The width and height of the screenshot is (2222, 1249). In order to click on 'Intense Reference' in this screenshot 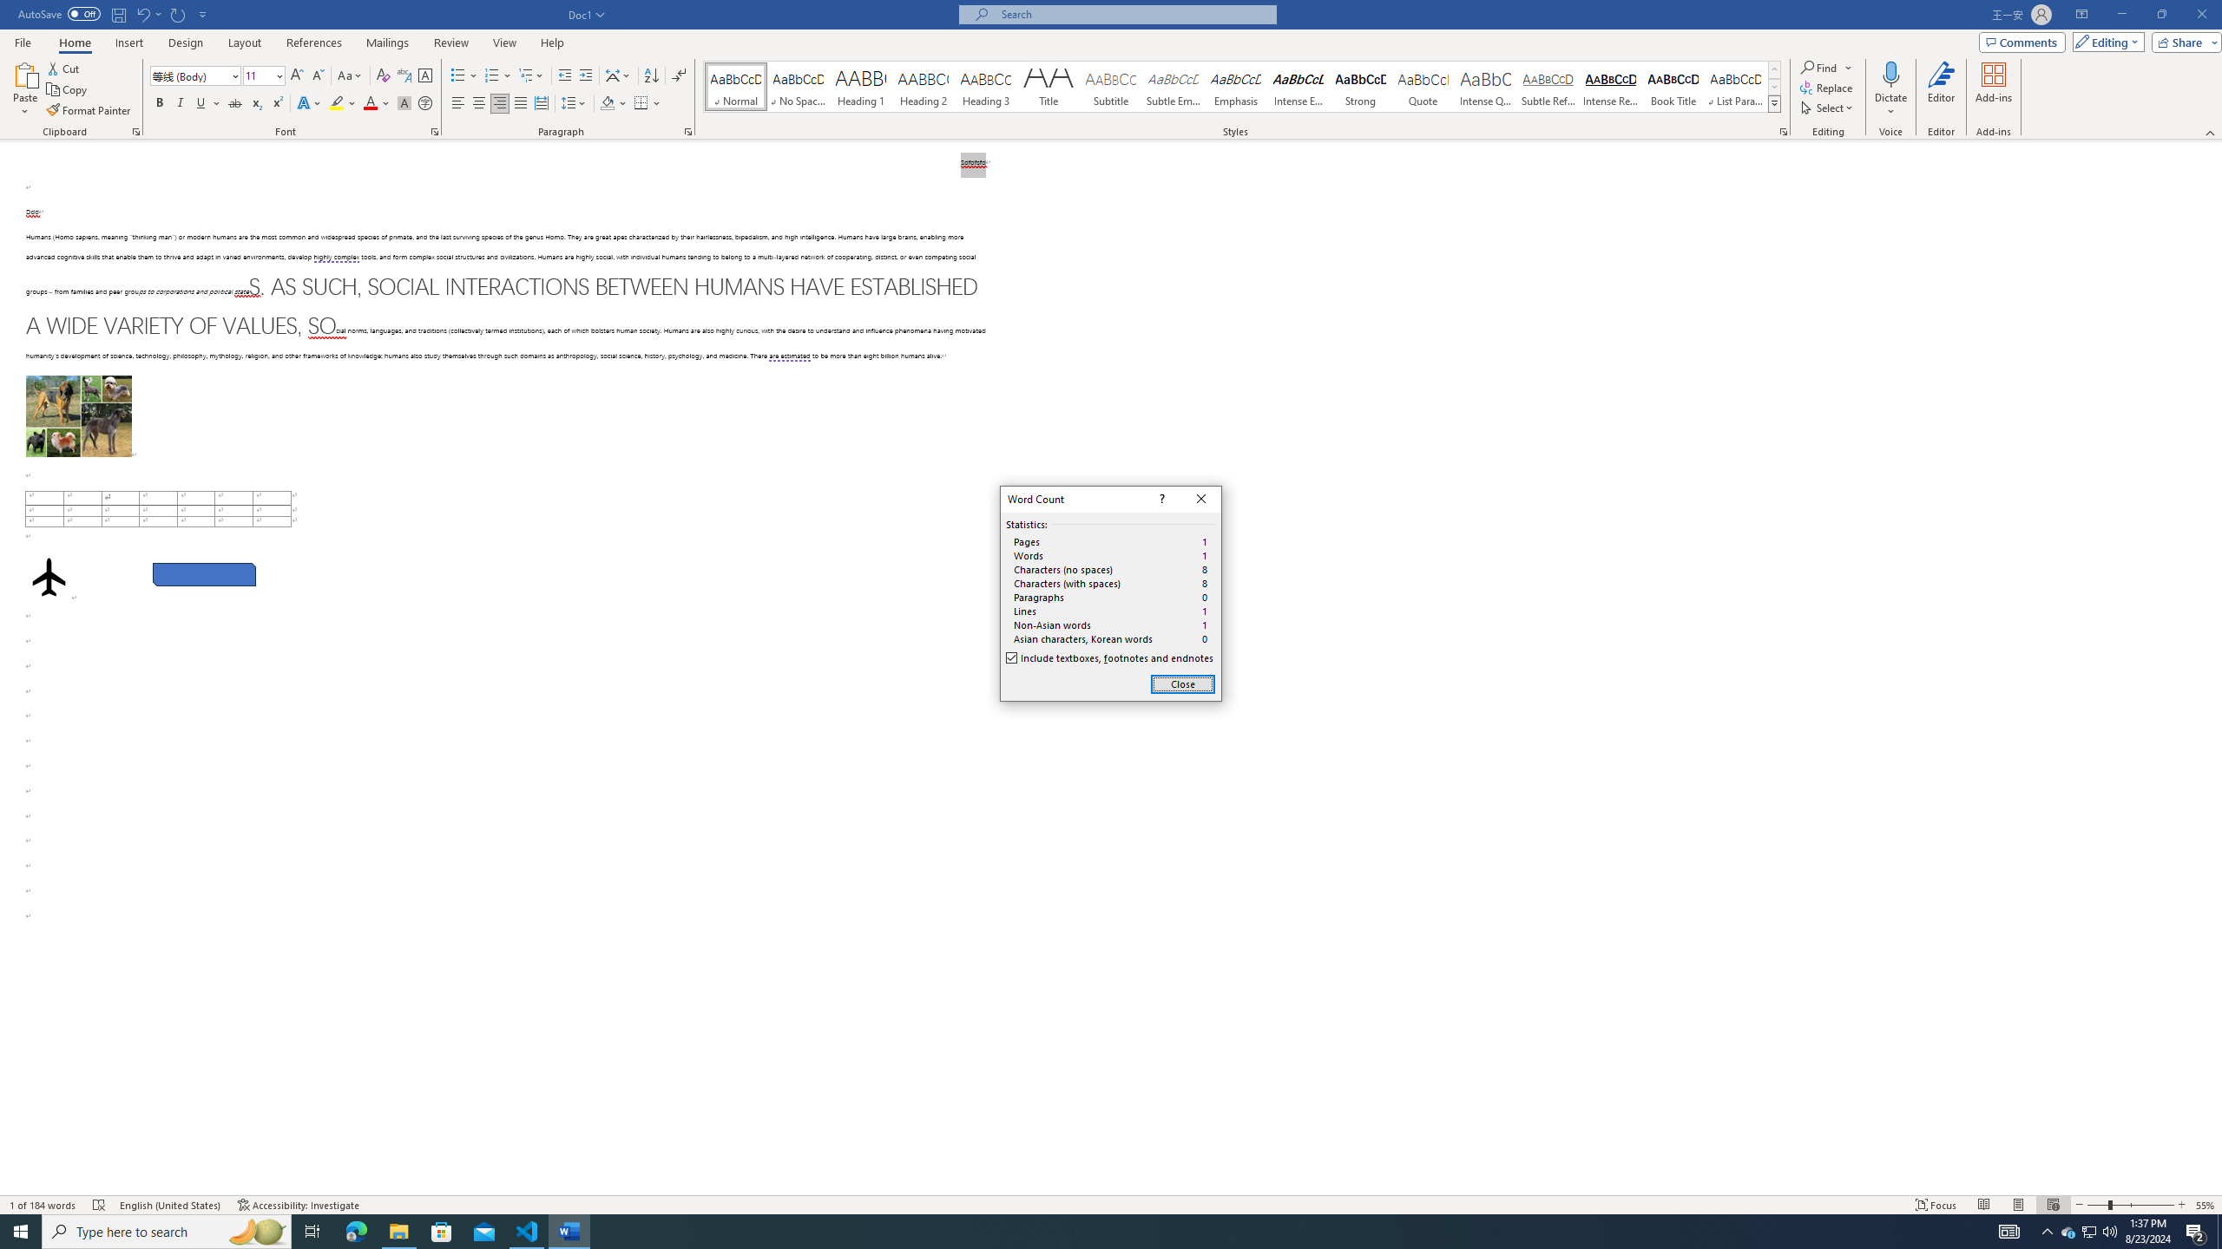, I will do `click(1610, 86)`.